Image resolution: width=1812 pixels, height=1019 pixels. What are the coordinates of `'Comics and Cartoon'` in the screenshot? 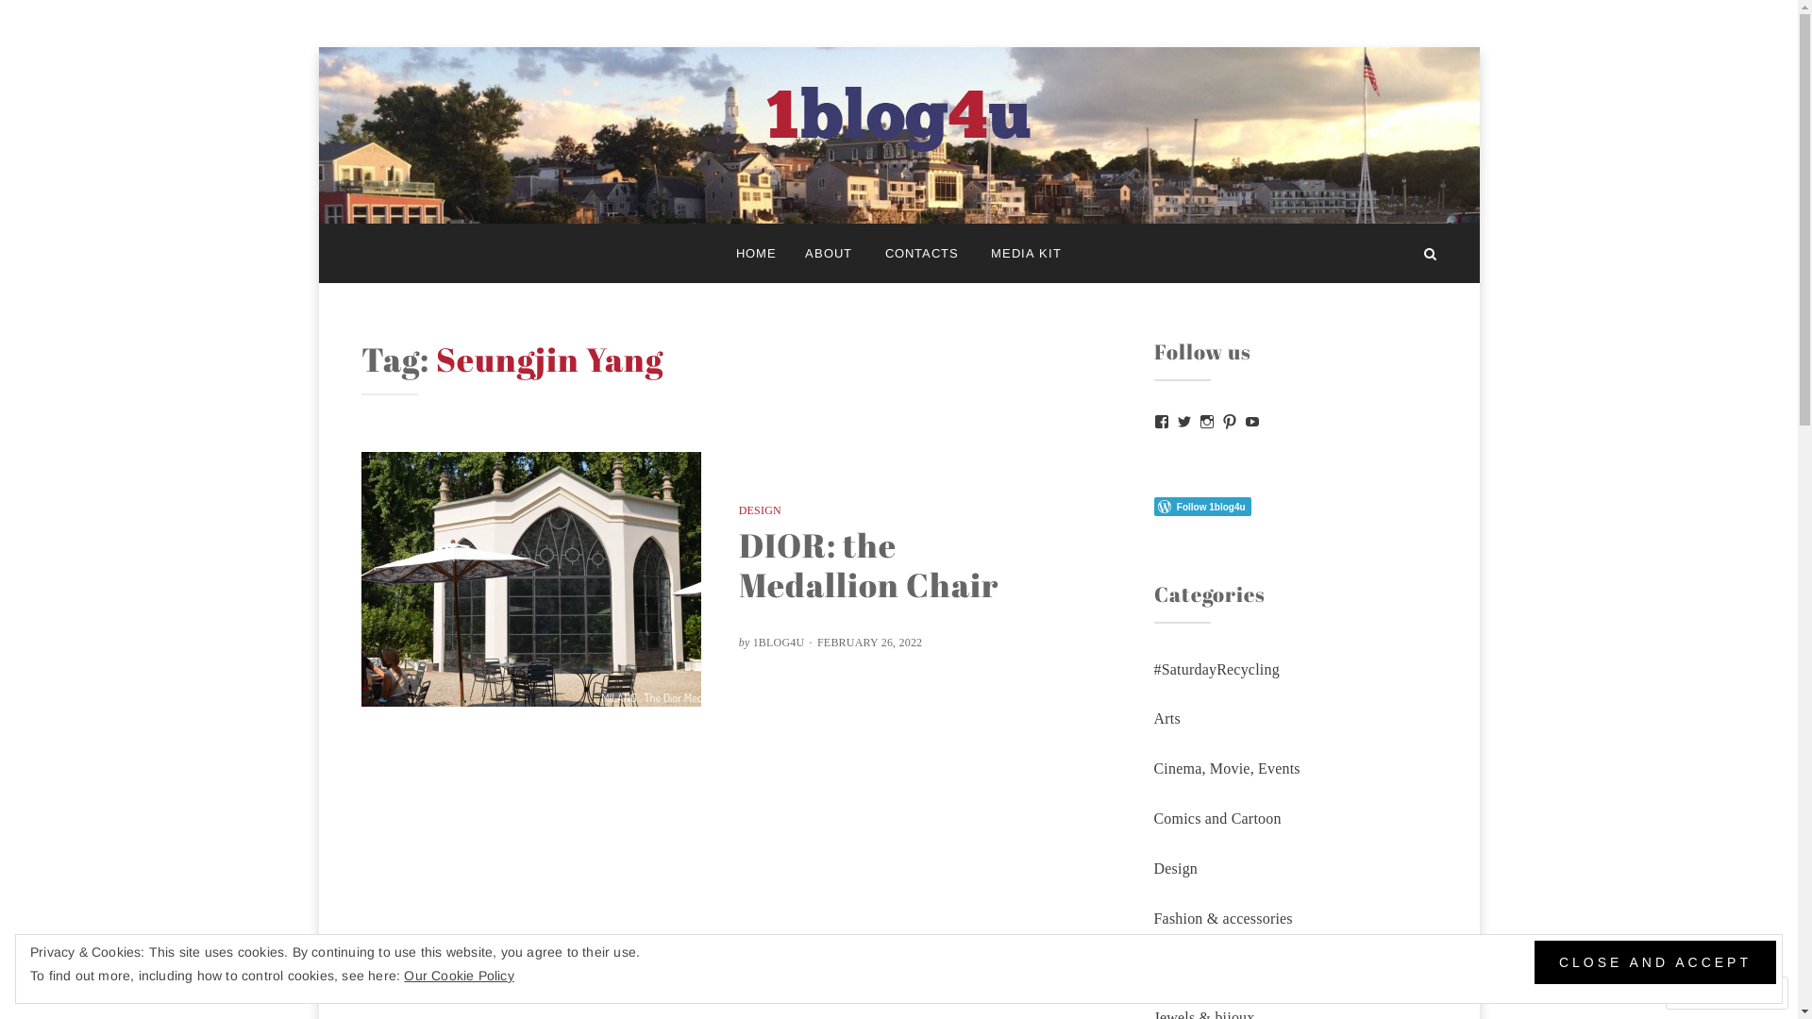 It's located at (1216, 817).